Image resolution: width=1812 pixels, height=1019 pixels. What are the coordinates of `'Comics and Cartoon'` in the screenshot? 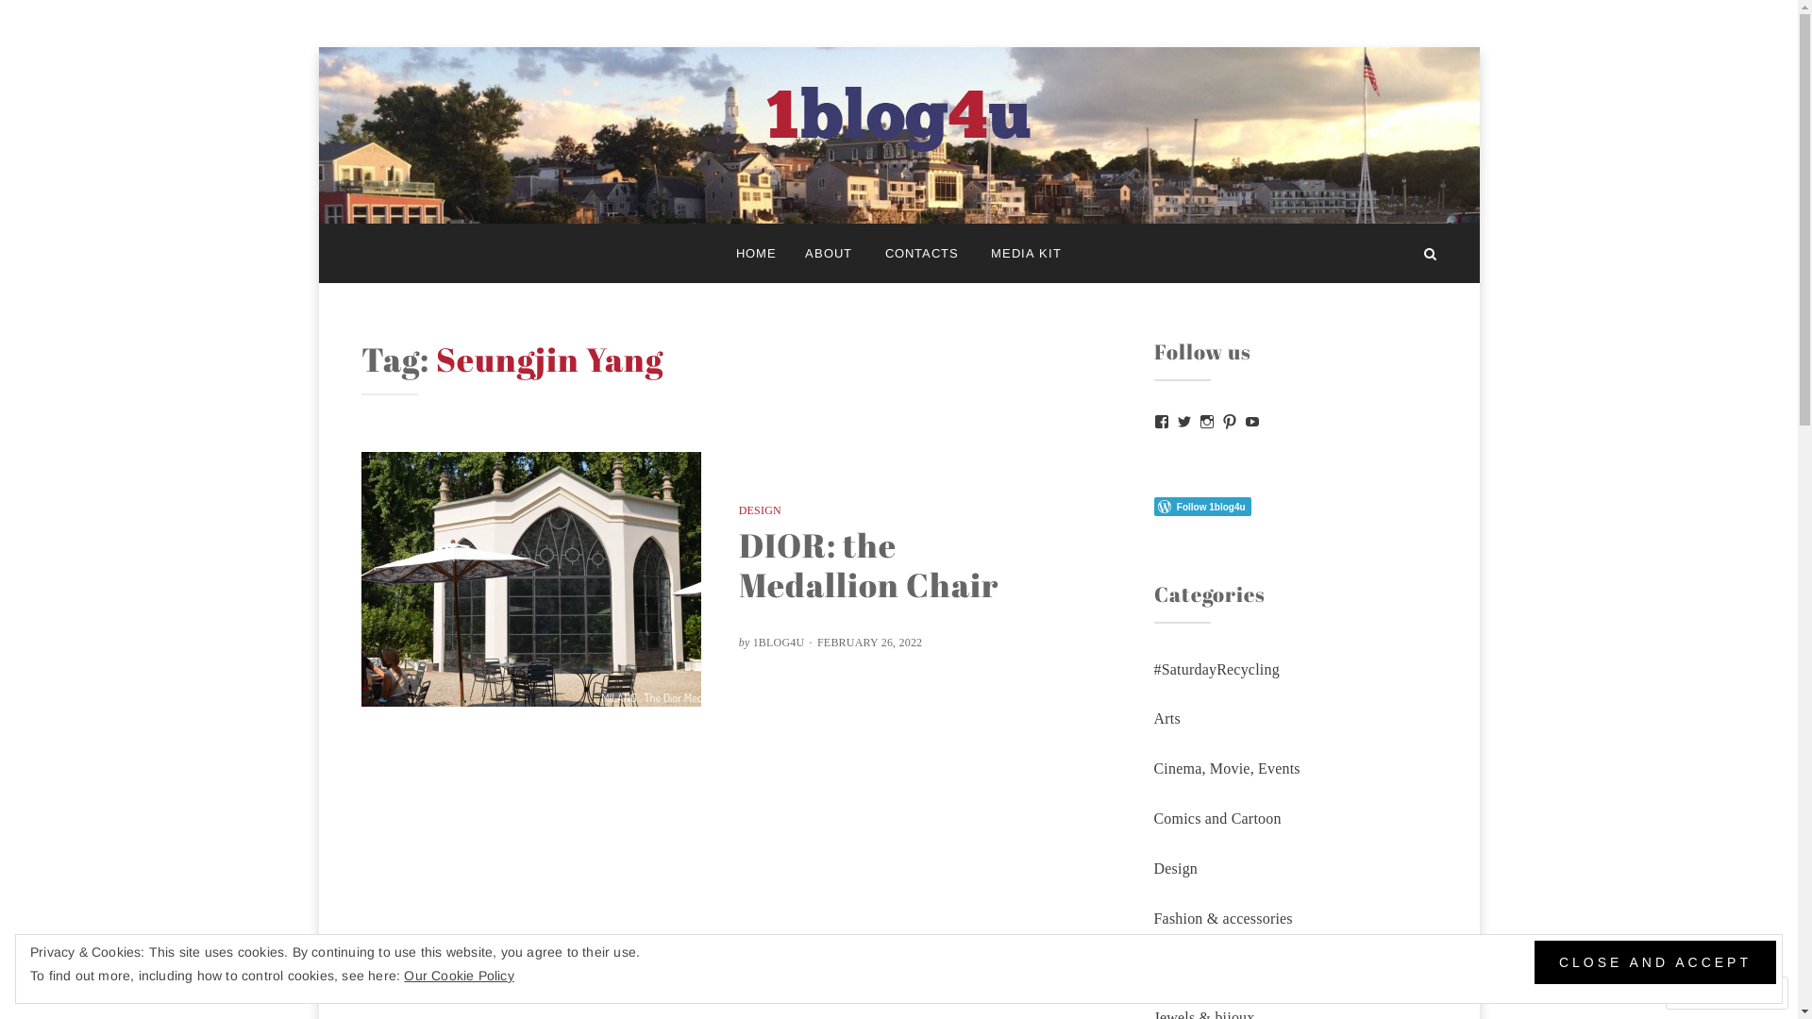 It's located at (1216, 817).